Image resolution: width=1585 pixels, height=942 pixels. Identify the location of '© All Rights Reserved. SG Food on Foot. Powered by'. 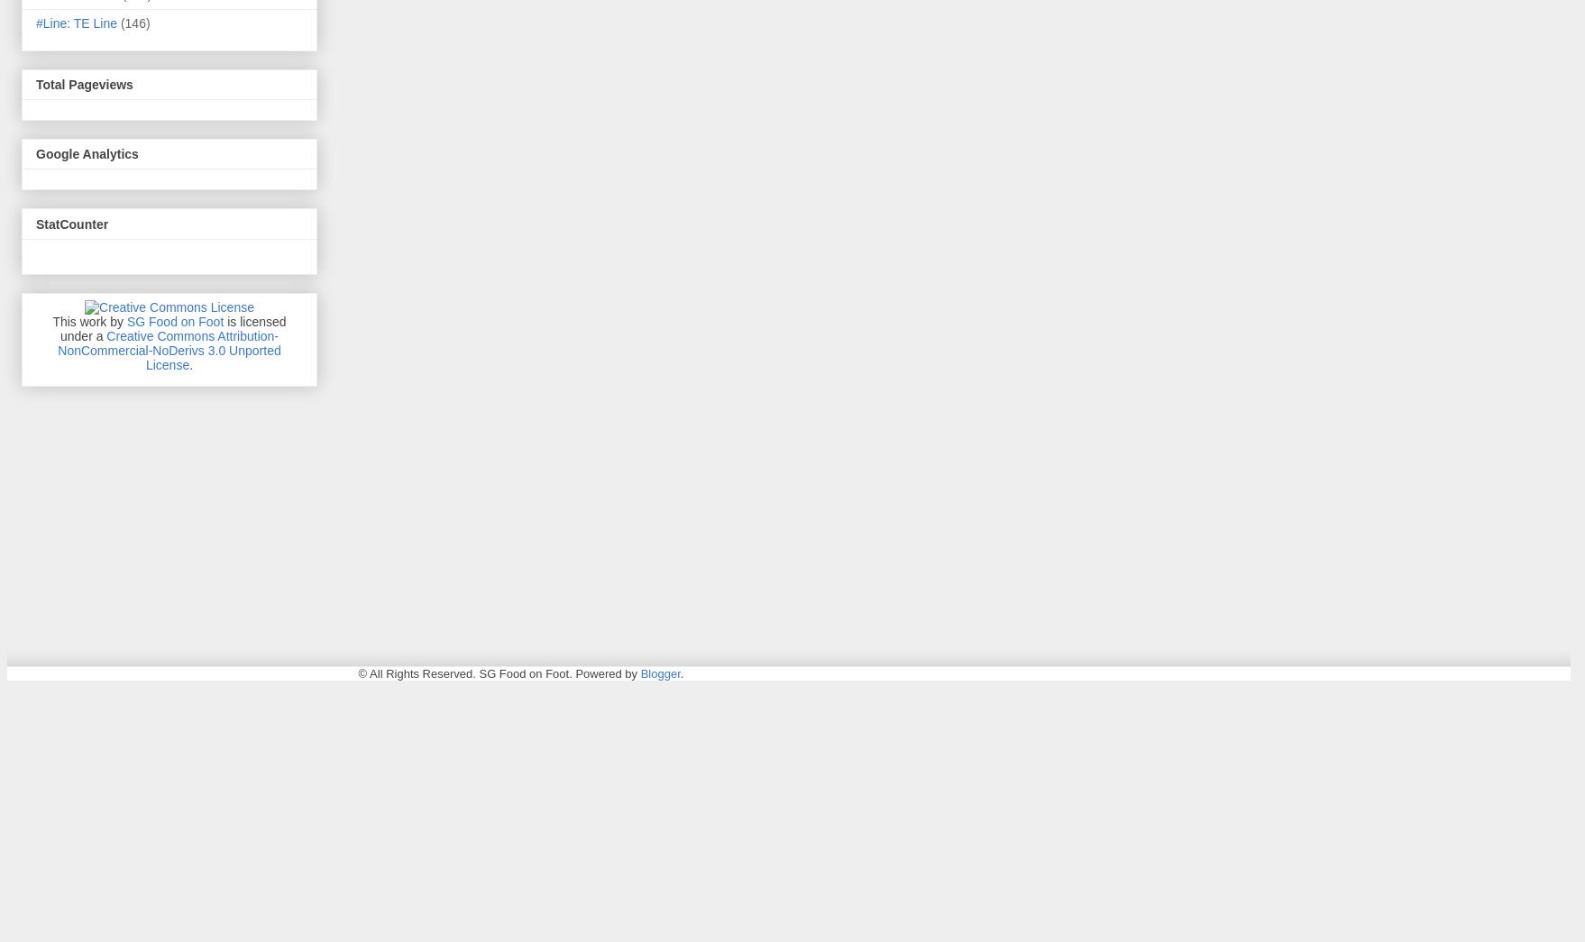
(357, 672).